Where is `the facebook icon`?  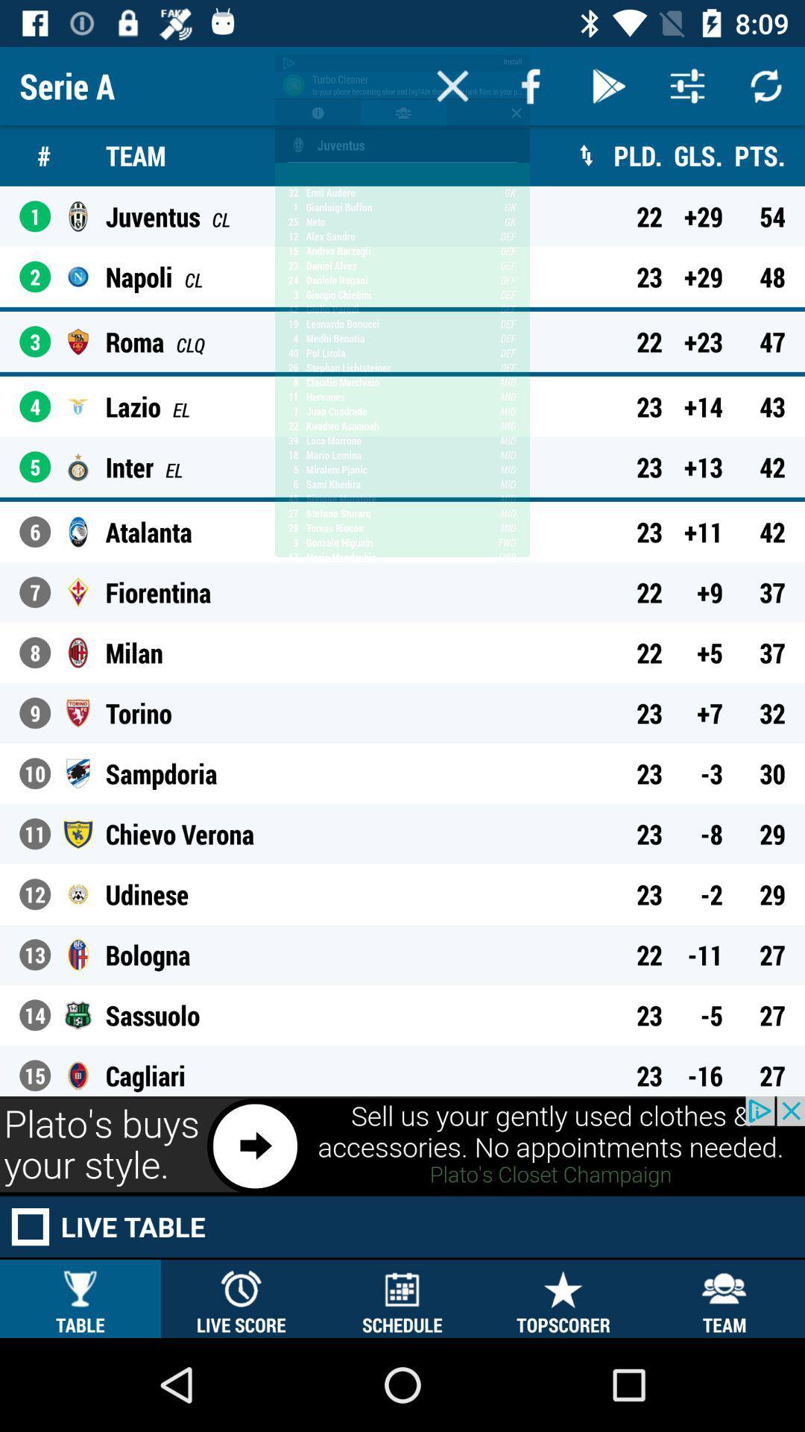
the facebook icon is located at coordinates (530, 85).